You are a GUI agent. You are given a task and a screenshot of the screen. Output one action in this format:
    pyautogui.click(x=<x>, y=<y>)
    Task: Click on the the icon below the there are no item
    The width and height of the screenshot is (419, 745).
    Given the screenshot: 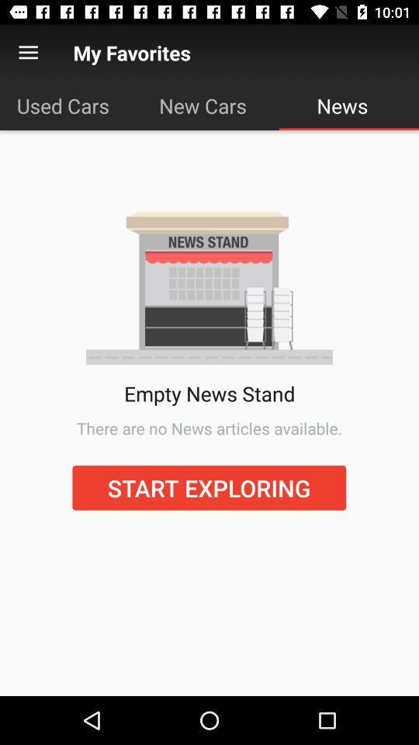 What is the action you would take?
    pyautogui.click(x=209, y=487)
    